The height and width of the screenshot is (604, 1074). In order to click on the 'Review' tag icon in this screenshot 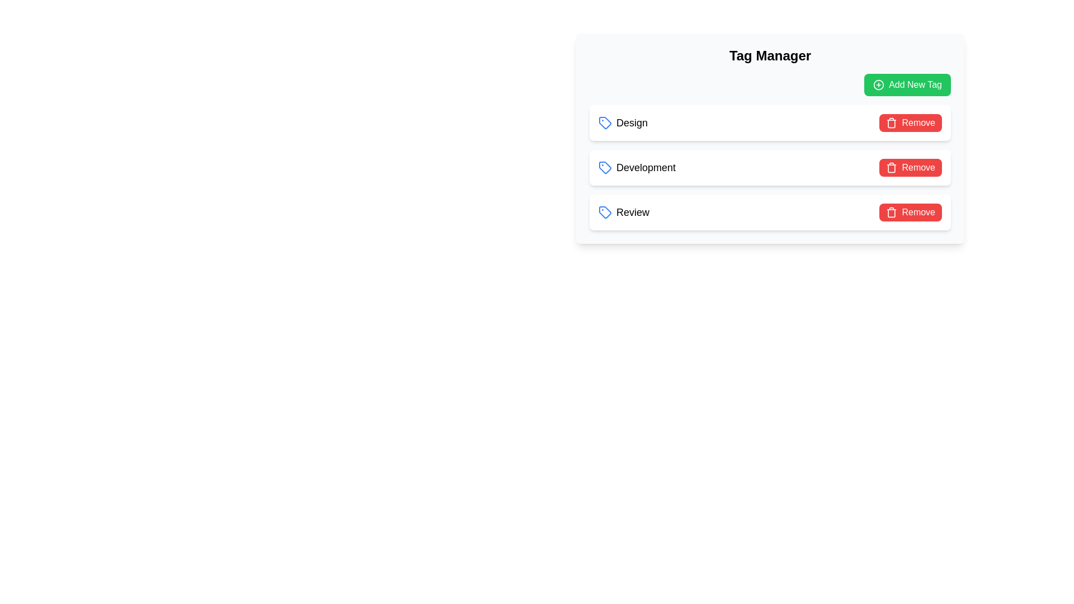, I will do `click(604, 213)`.